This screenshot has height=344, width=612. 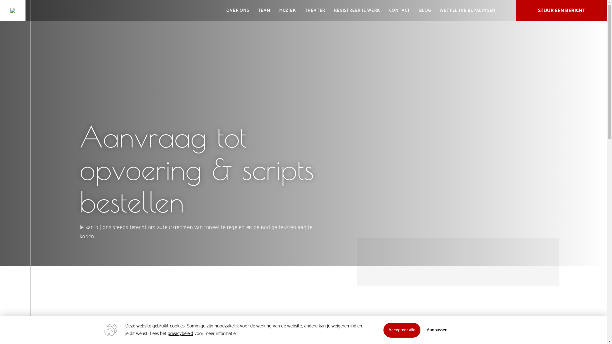 I want to click on 'BLOG', so click(x=425, y=11).